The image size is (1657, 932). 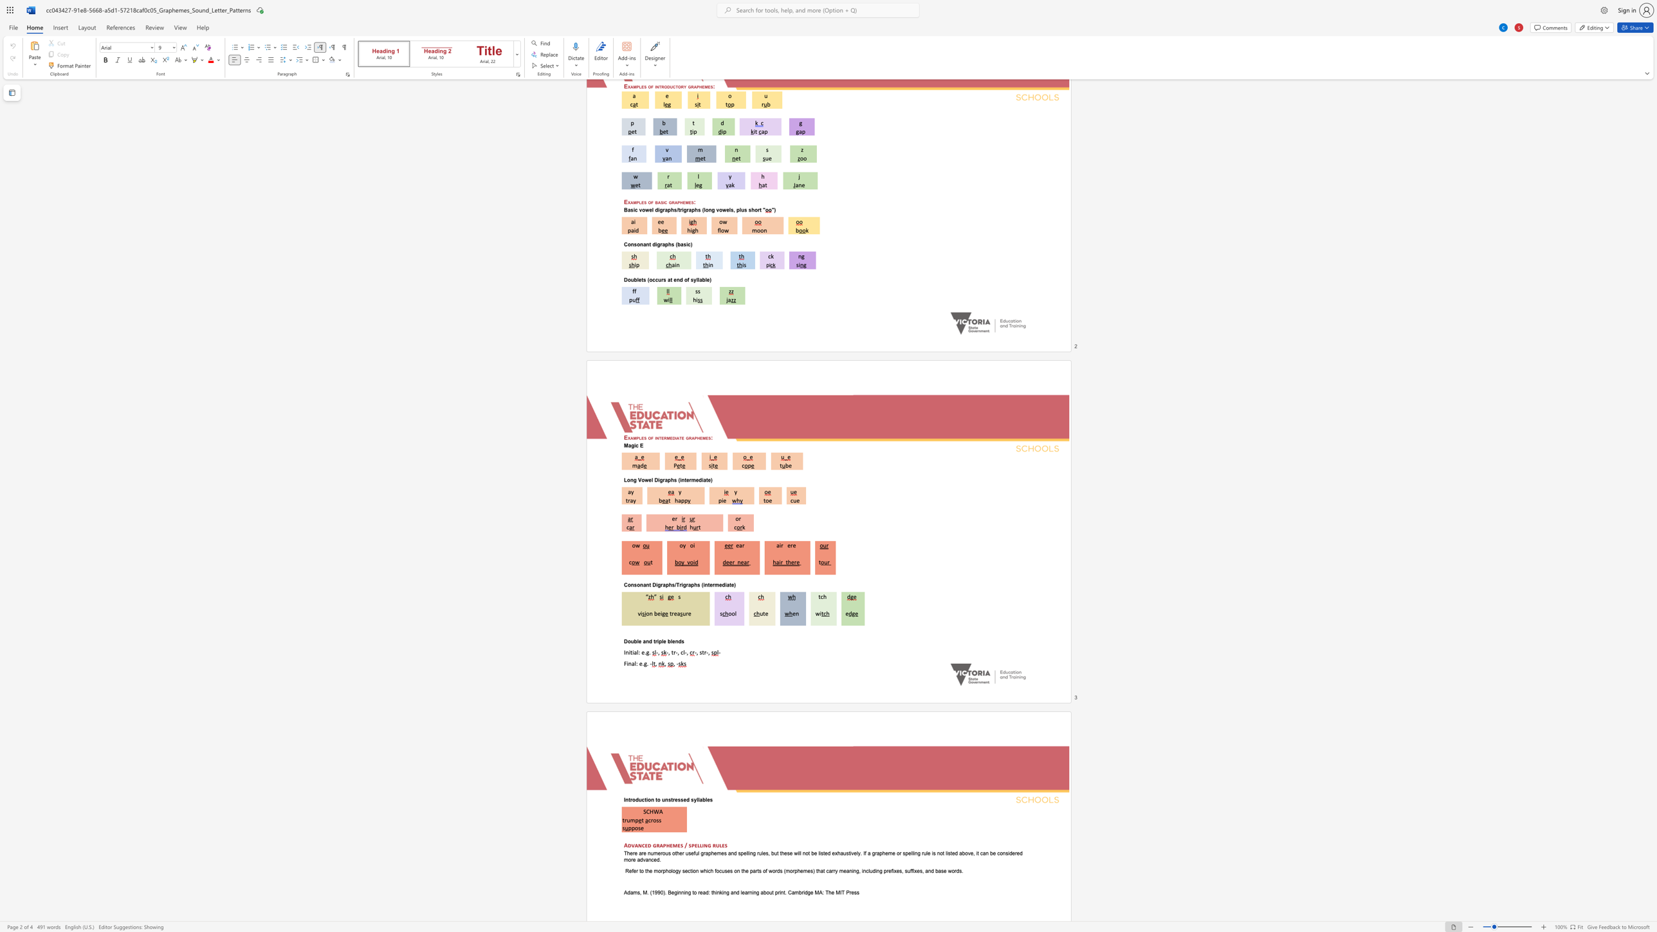 What do you see at coordinates (712, 584) in the screenshot?
I see `the subset text "rm" within the text "Consonant Digraphs/Trigraphs (intermediate)"` at bounding box center [712, 584].